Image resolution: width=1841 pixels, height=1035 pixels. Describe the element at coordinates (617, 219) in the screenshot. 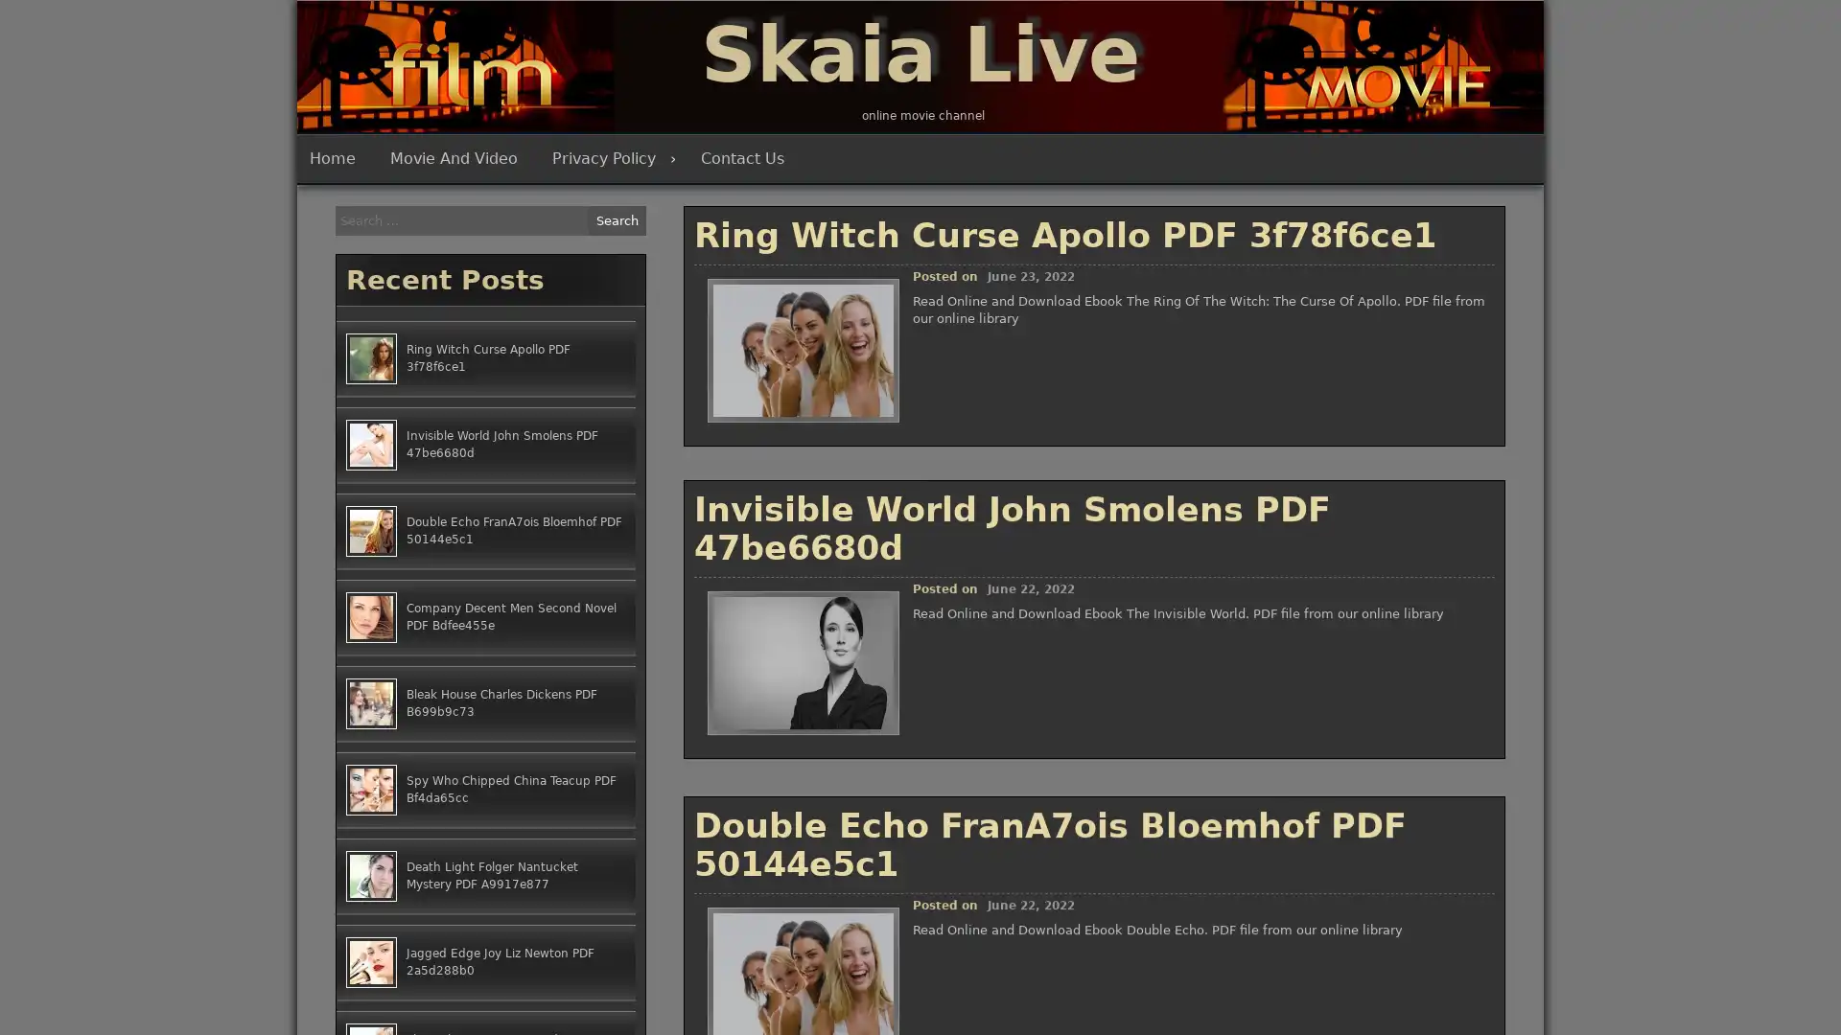

I see `Search` at that location.